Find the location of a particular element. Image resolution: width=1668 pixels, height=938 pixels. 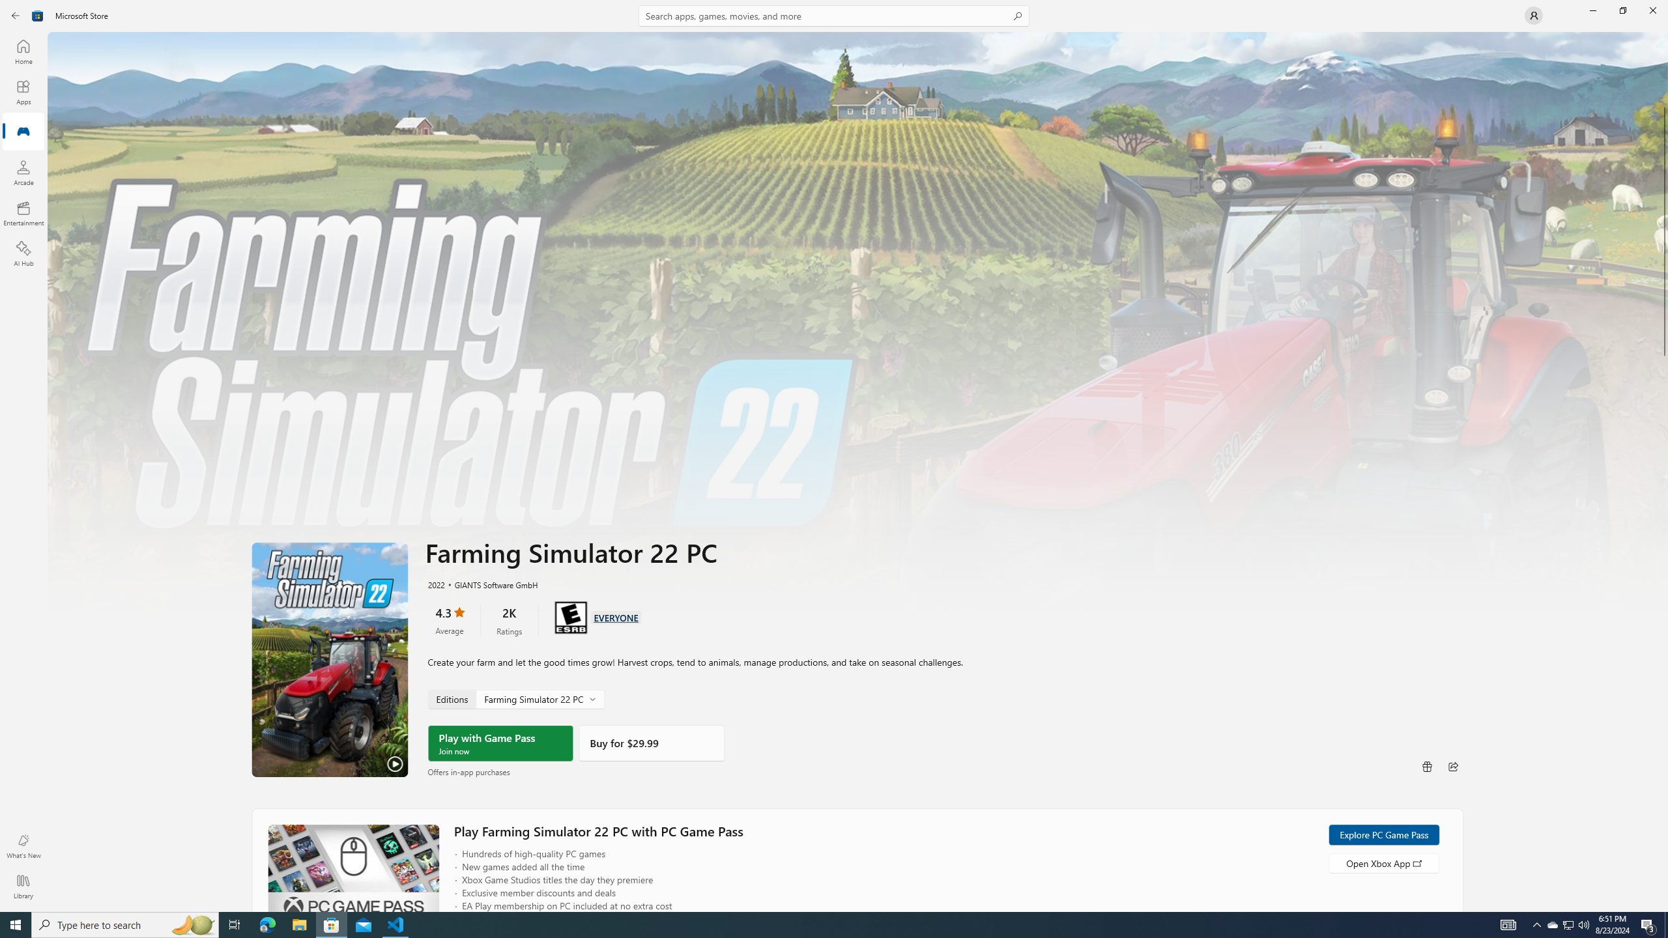

'Explore PC Game Pass' is located at coordinates (1383, 834).